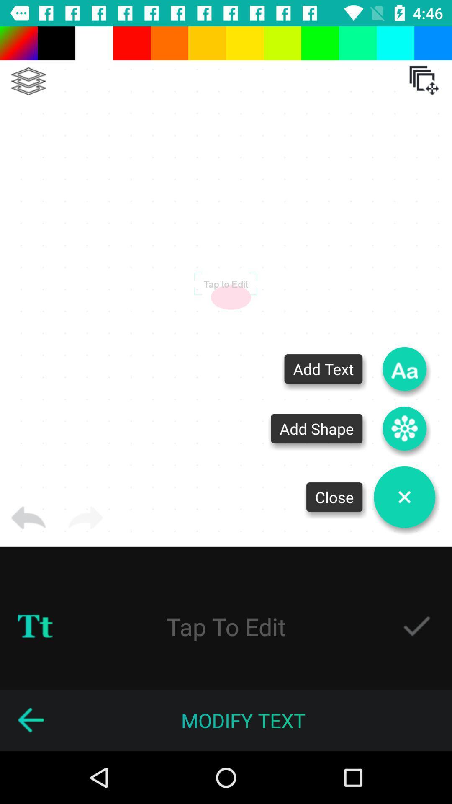  Describe the element at coordinates (30, 720) in the screenshot. I see `go back` at that location.